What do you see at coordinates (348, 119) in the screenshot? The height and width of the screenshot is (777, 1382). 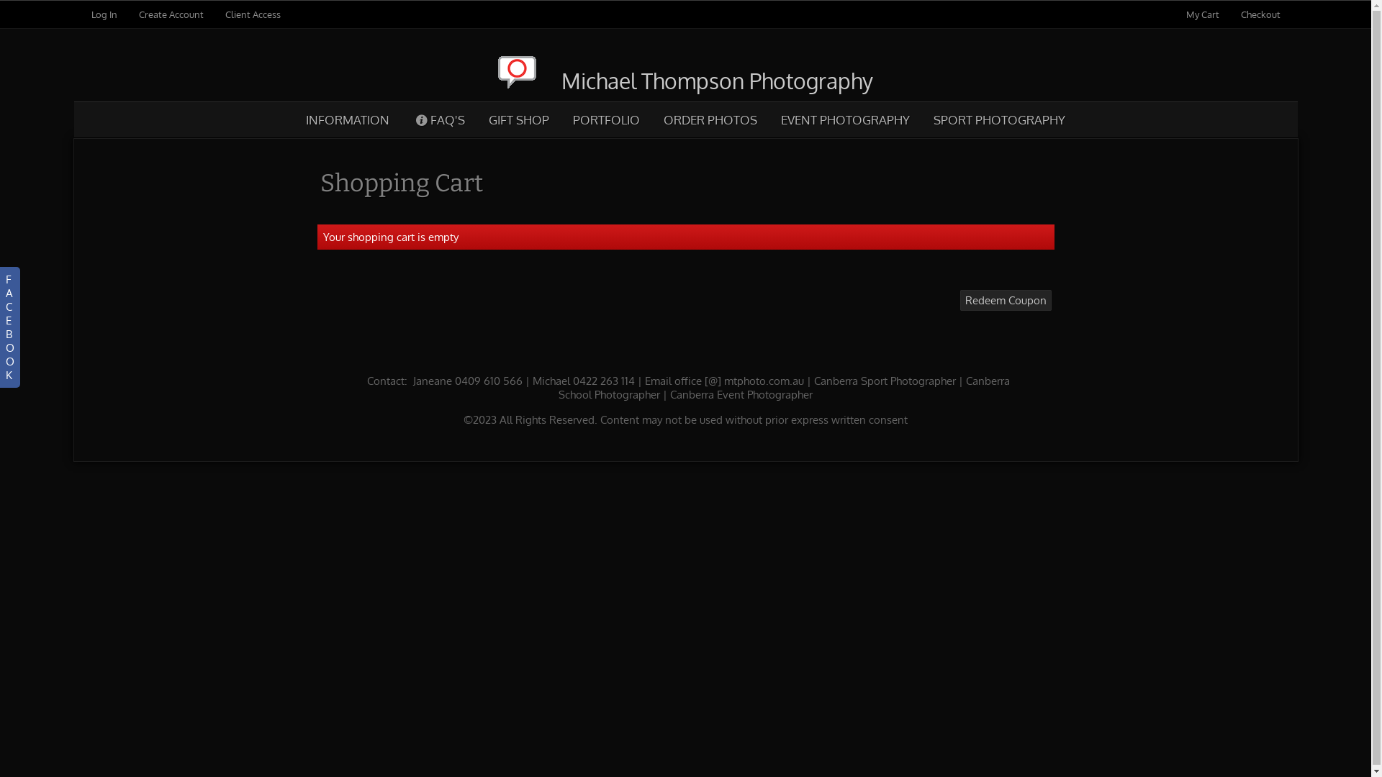 I see `'INFORMATION'` at bounding box center [348, 119].